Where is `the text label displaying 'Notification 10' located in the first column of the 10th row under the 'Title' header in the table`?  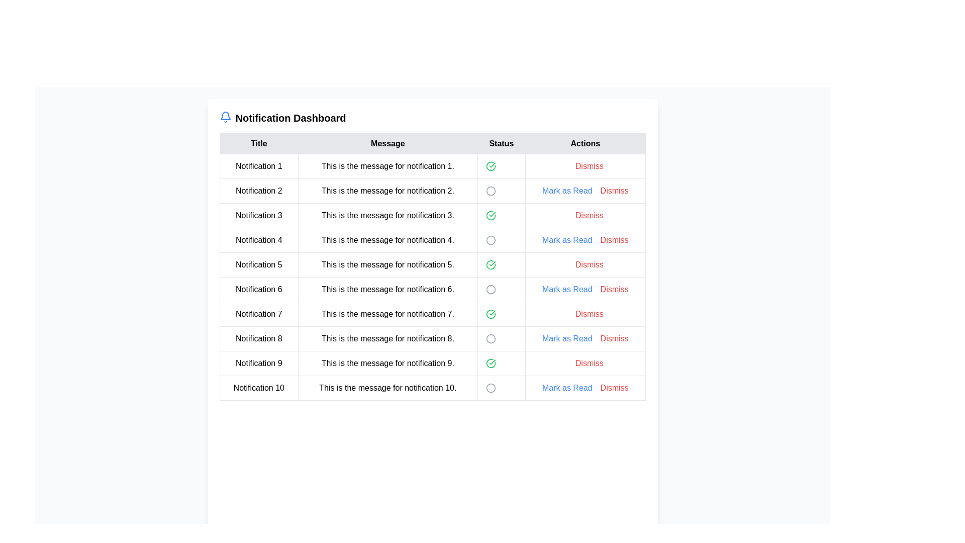
the text label displaying 'Notification 10' located in the first column of the 10th row under the 'Title' header in the table is located at coordinates (259, 387).